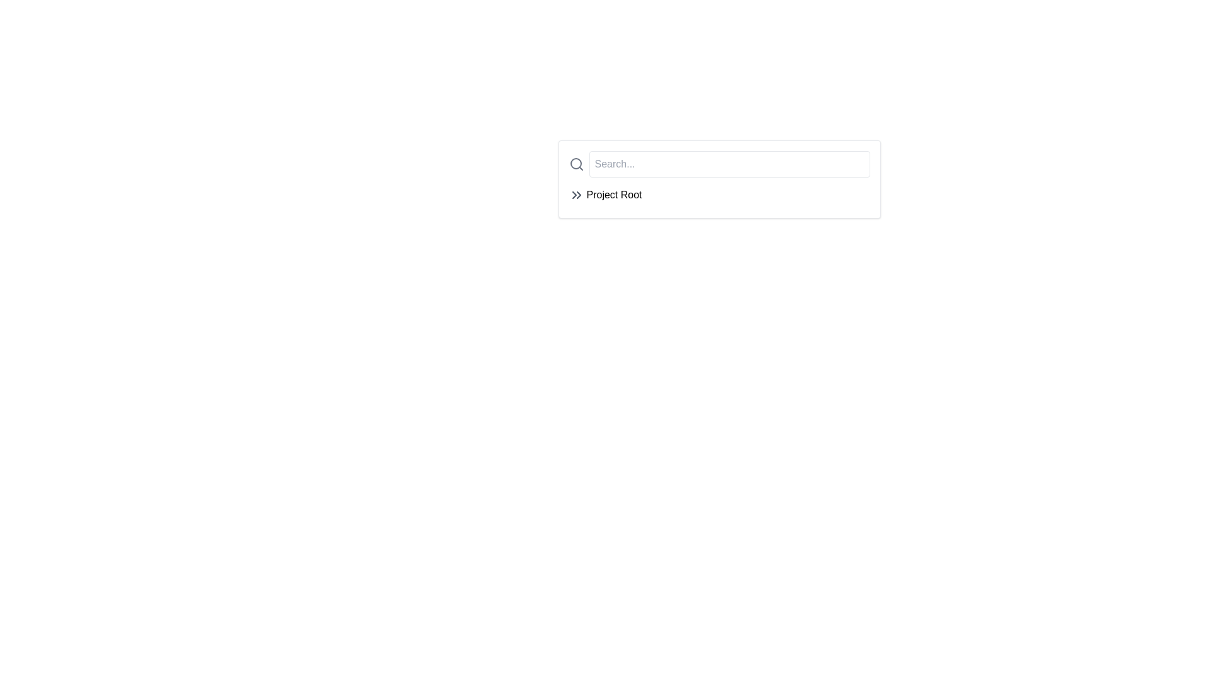 The height and width of the screenshot is (680, 1209). What do you see at coordinates (614, 195) in the screenshot?
I see `the Text Label that serves as a section, folder, or project title, positioned to the right of chevron arrow icons and left of empty space` at bounding box center [614, 195].